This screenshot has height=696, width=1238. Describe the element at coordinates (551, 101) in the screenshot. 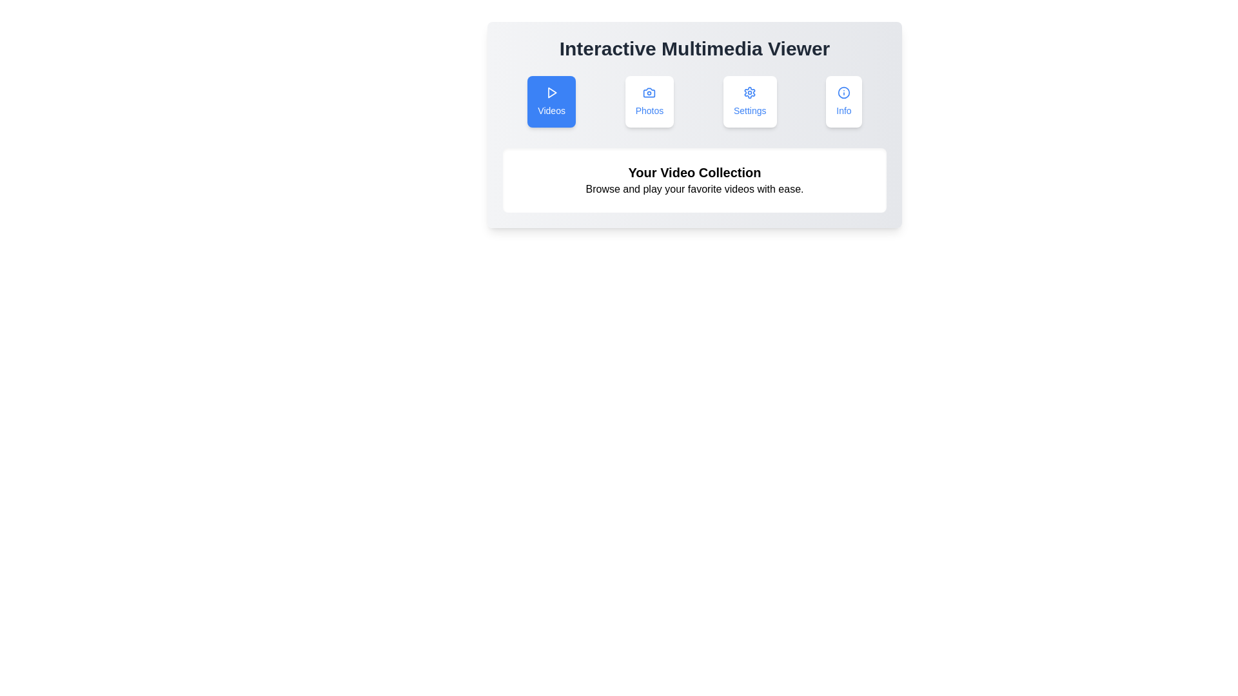

I see `the first button in the row, which has a vivid blue background, white text, and a play icon above the word 'Videos'` at that location.